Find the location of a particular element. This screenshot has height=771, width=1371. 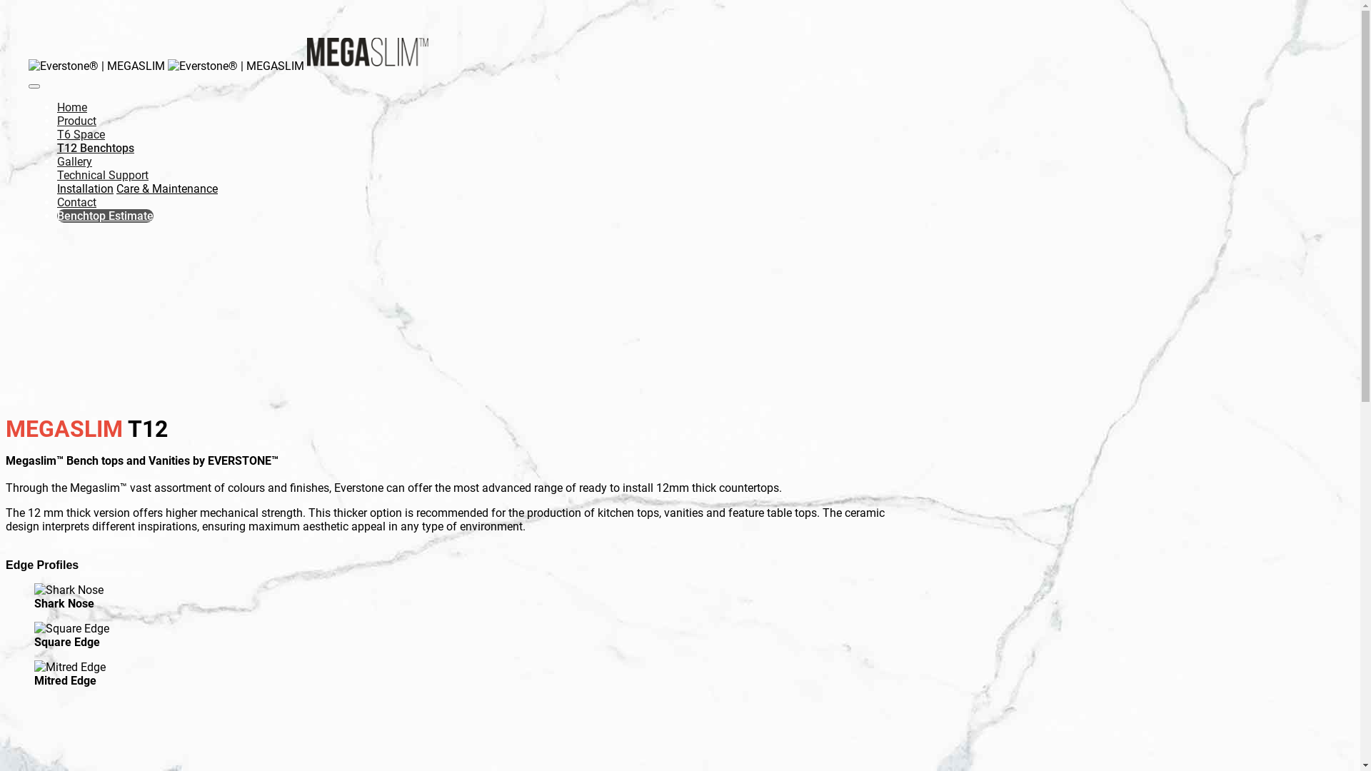

'Home' is located at coordinates (71, 106).